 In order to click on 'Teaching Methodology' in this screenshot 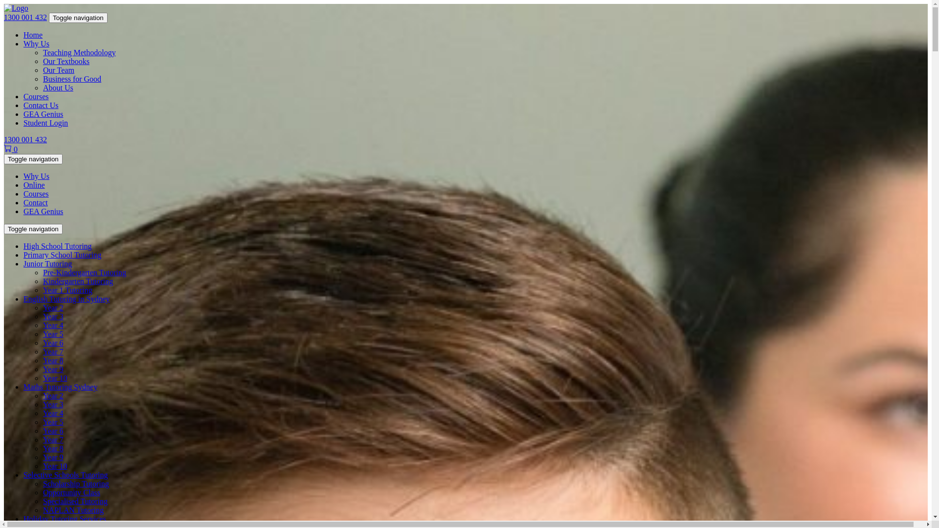, I will do `click(42, 52)`.